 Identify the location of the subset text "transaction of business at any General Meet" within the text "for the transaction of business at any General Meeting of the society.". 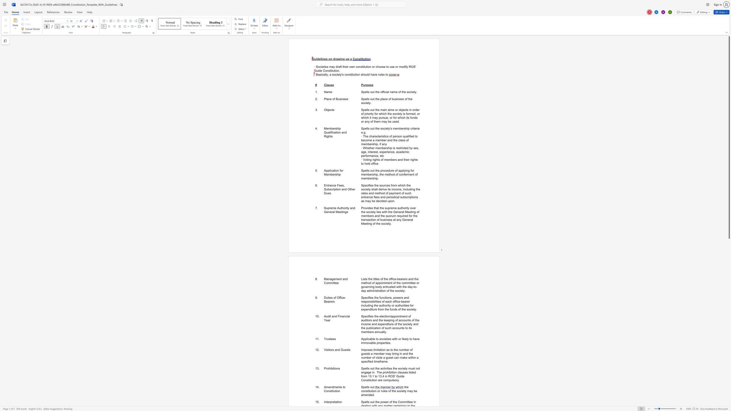
(361, 219).